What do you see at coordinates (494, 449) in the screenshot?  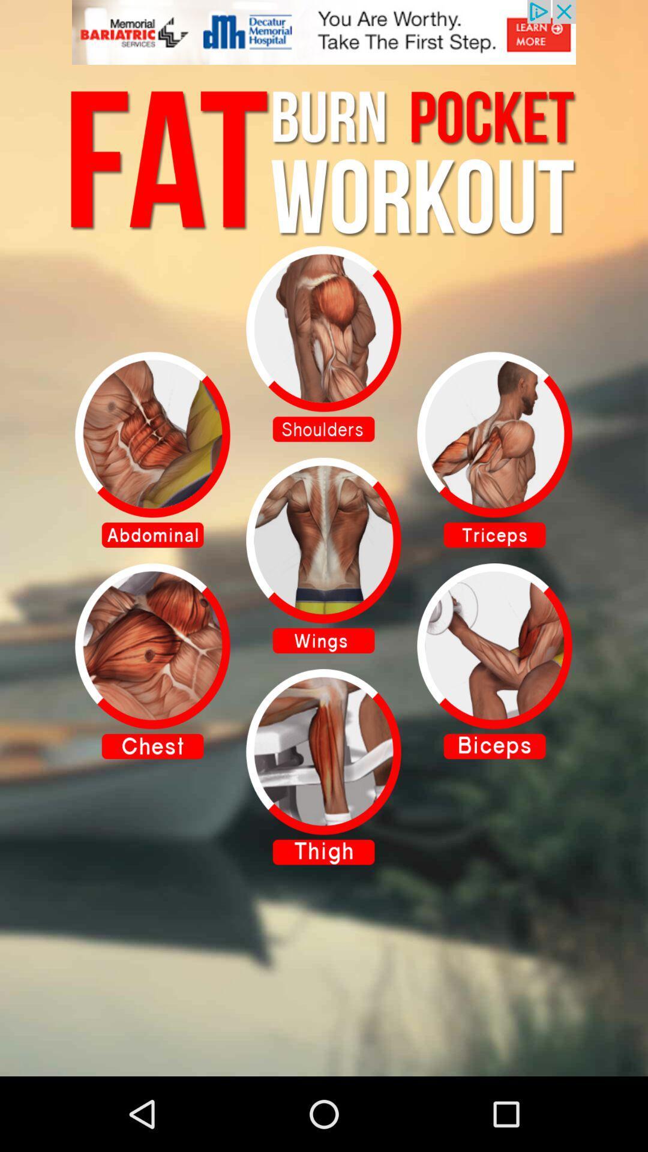 I see `workout` at bounding box center [494, 449].